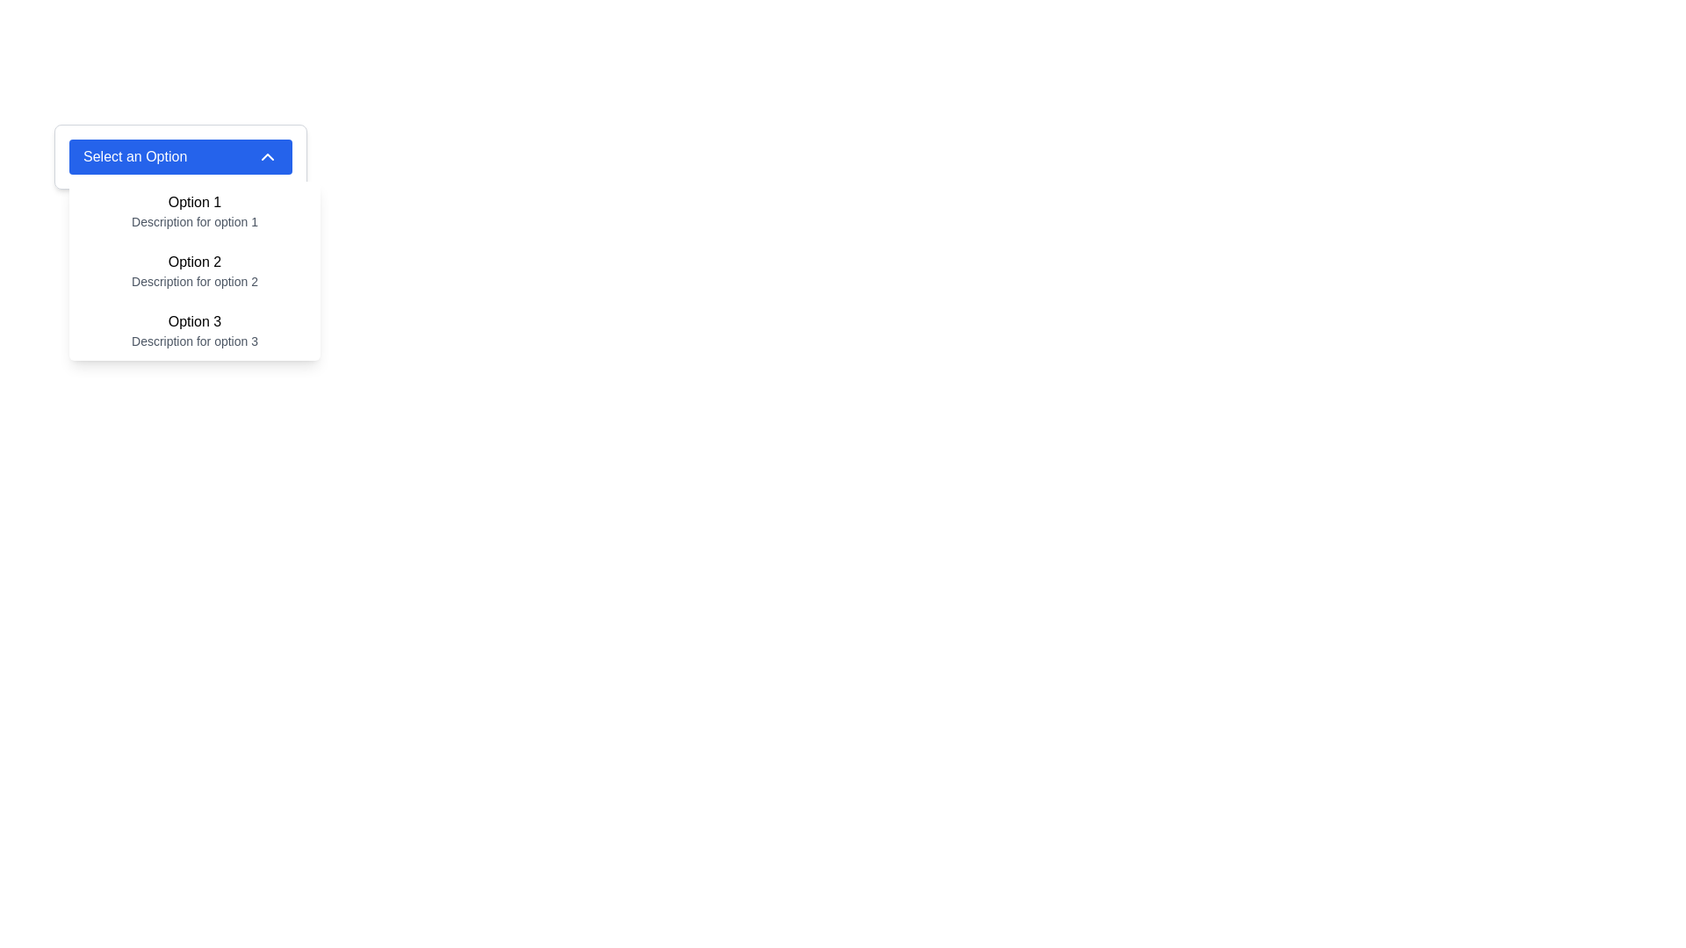 Image resolution: width=1686 pixels, height=948 pixels. I want to click on the first option in the dropdown menu labeled 'Option 1', so click(194, 210).